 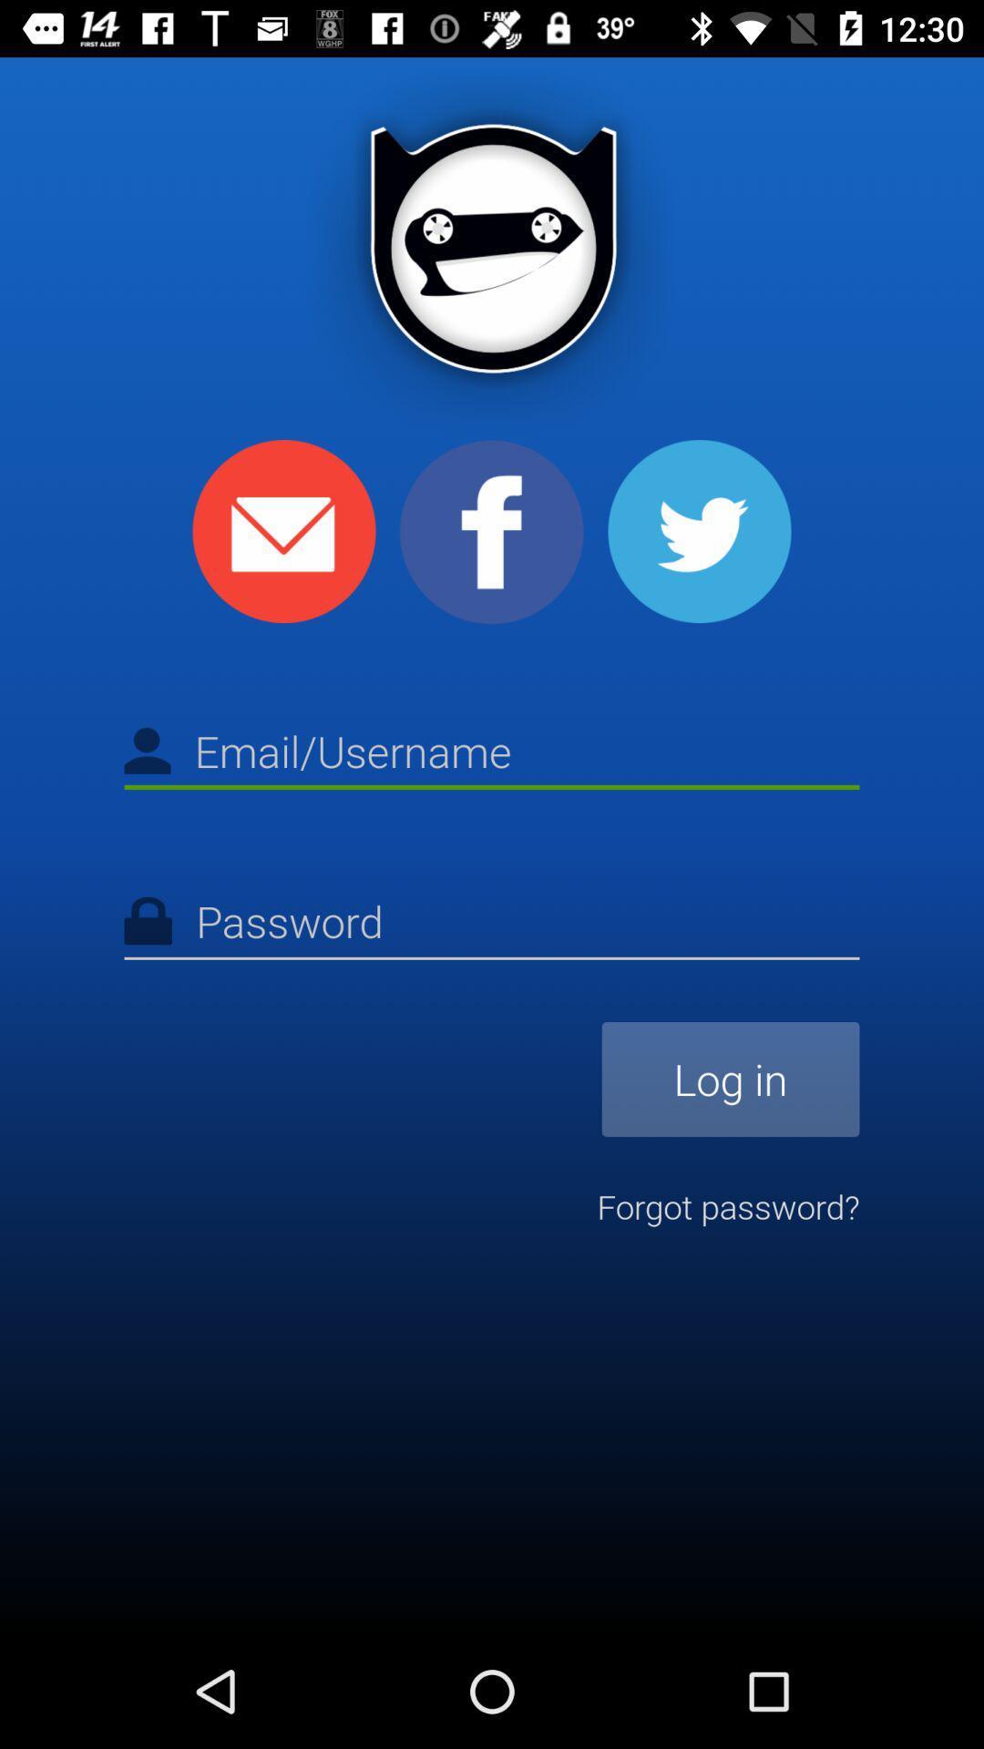 I want to click on the icon at the top right corner, so click(x=698, y=530).